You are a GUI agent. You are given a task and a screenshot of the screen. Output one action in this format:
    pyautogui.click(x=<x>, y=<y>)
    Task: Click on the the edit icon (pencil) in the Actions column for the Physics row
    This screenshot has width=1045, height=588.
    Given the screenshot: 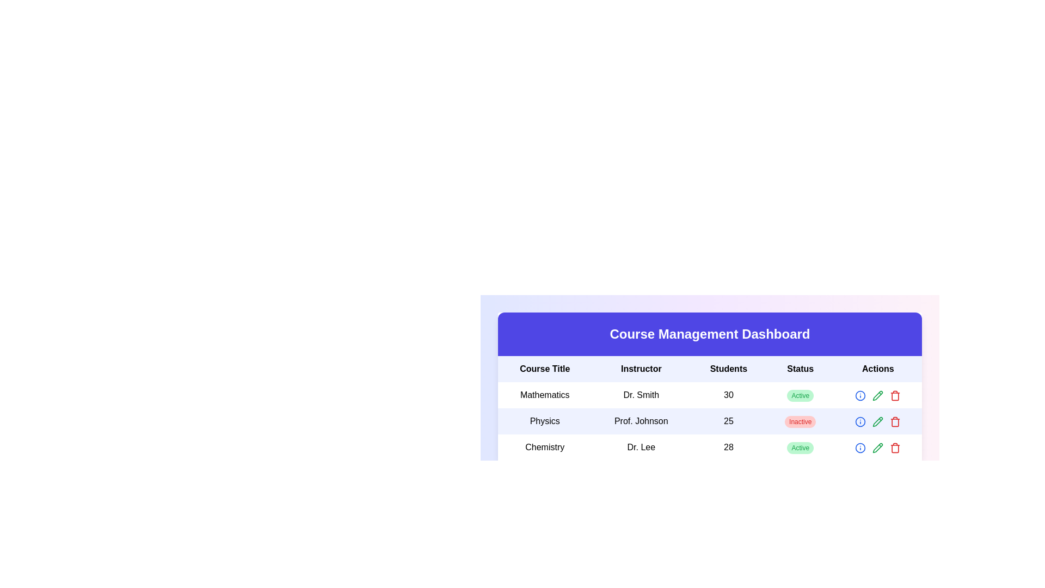 What is the action you would take?
    pyautogui.click(x=878, y=421)
    